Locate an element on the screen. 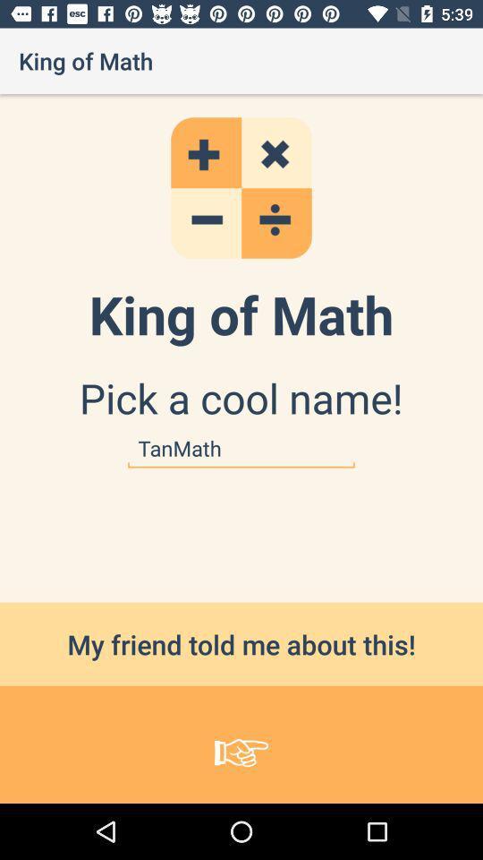 The width and height of the screenshot is (483, 860). the tanmath is located at coordinates (241, 448).